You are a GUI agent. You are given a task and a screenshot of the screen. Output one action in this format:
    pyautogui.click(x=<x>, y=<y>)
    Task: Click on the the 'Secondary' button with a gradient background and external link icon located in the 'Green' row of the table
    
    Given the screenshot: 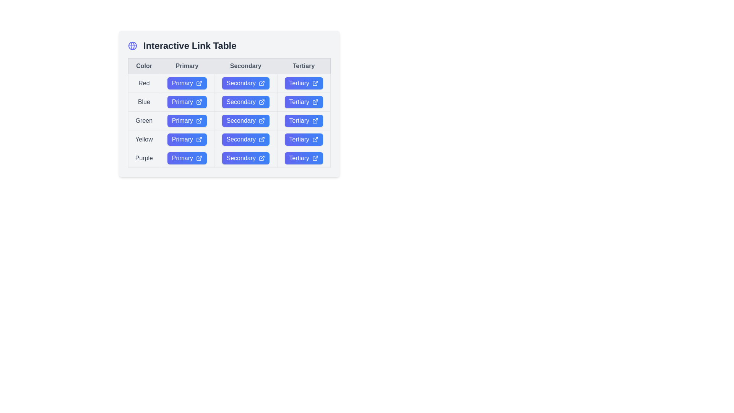 What is the action you would take?
    pyautogui.click(x=245, y=120)
    